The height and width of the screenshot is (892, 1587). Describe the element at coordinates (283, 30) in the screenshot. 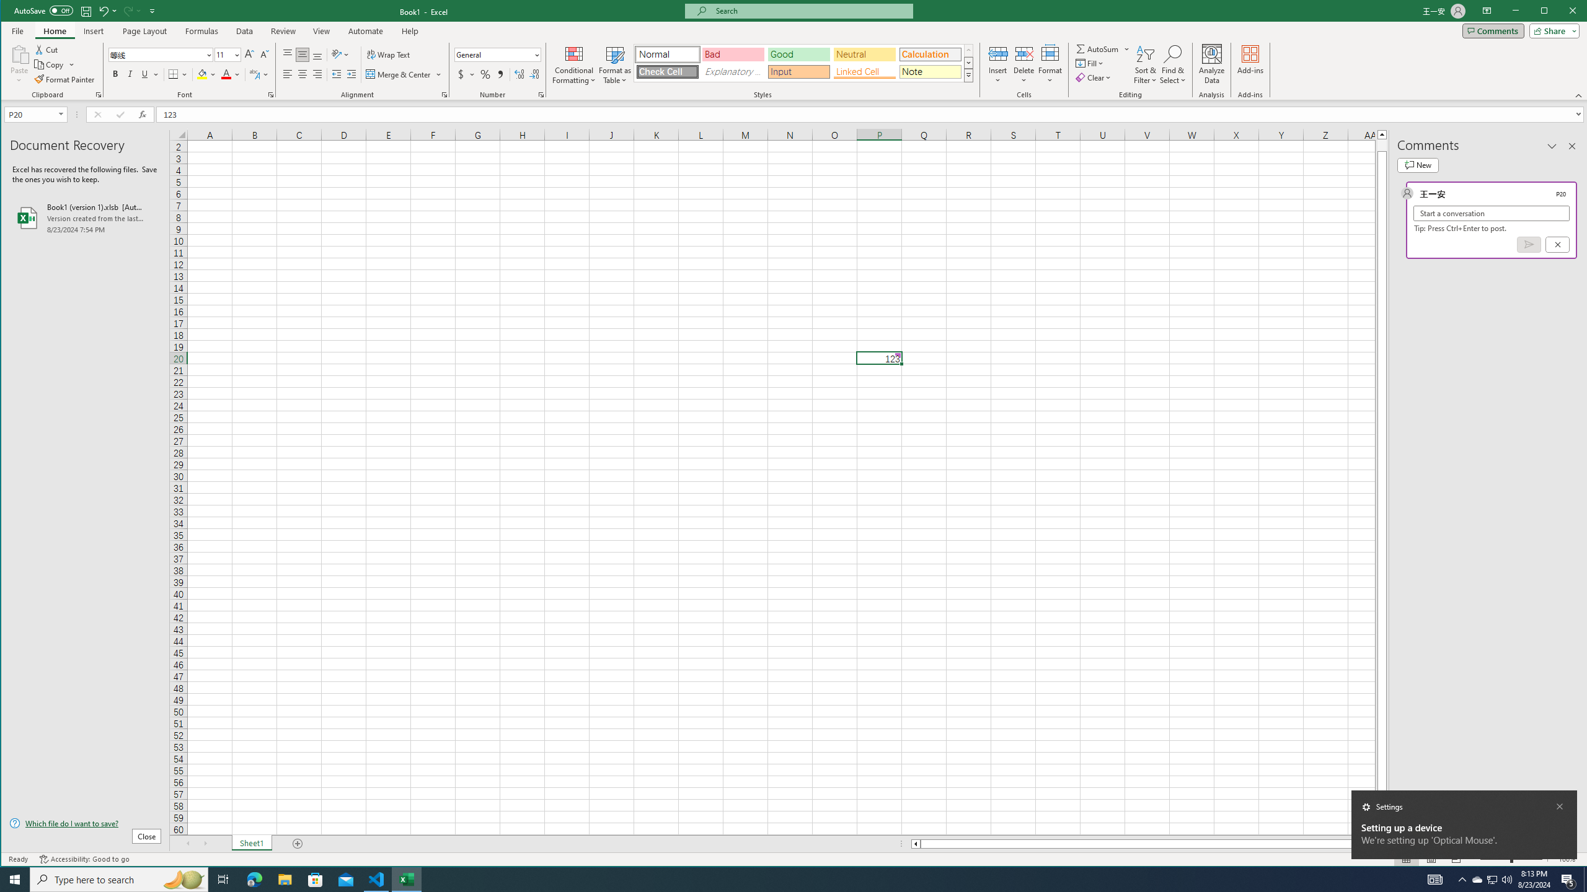

I see `'Review'` at that location.